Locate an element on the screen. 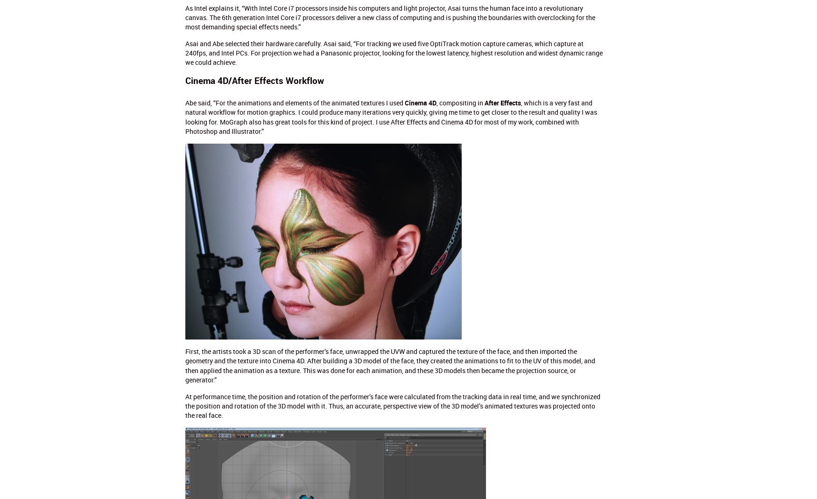 The width and height of the screenshot is (817, 499). 'At performance time, the position and rotation of the performer’s face were calculated from the tracking data in real time, and we synchronized the position and rotation of the 3D model with it. Thus, an accurate, perspective view of the 3D model’s animated textures was projected onto the real face.' is located at coordinates (392, 406).